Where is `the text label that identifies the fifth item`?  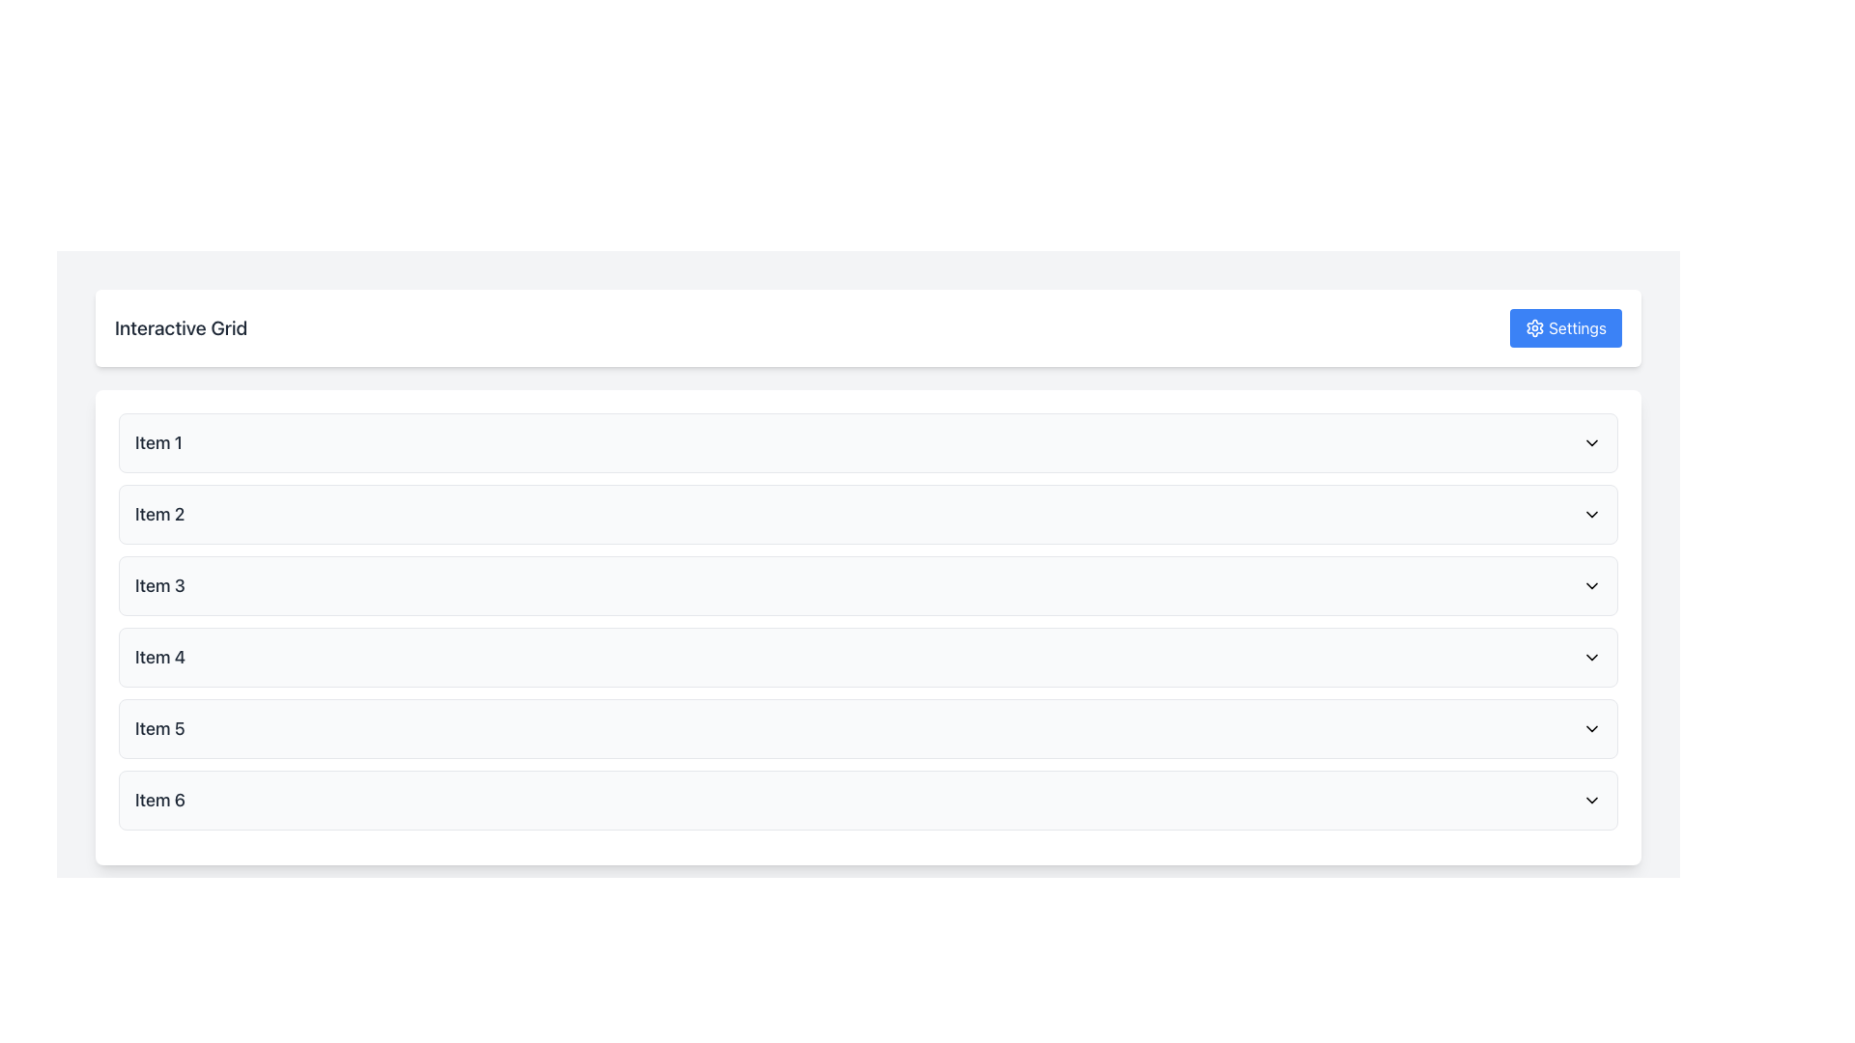 the text label that identifies the fifth item is located at coordinates (159, 729).